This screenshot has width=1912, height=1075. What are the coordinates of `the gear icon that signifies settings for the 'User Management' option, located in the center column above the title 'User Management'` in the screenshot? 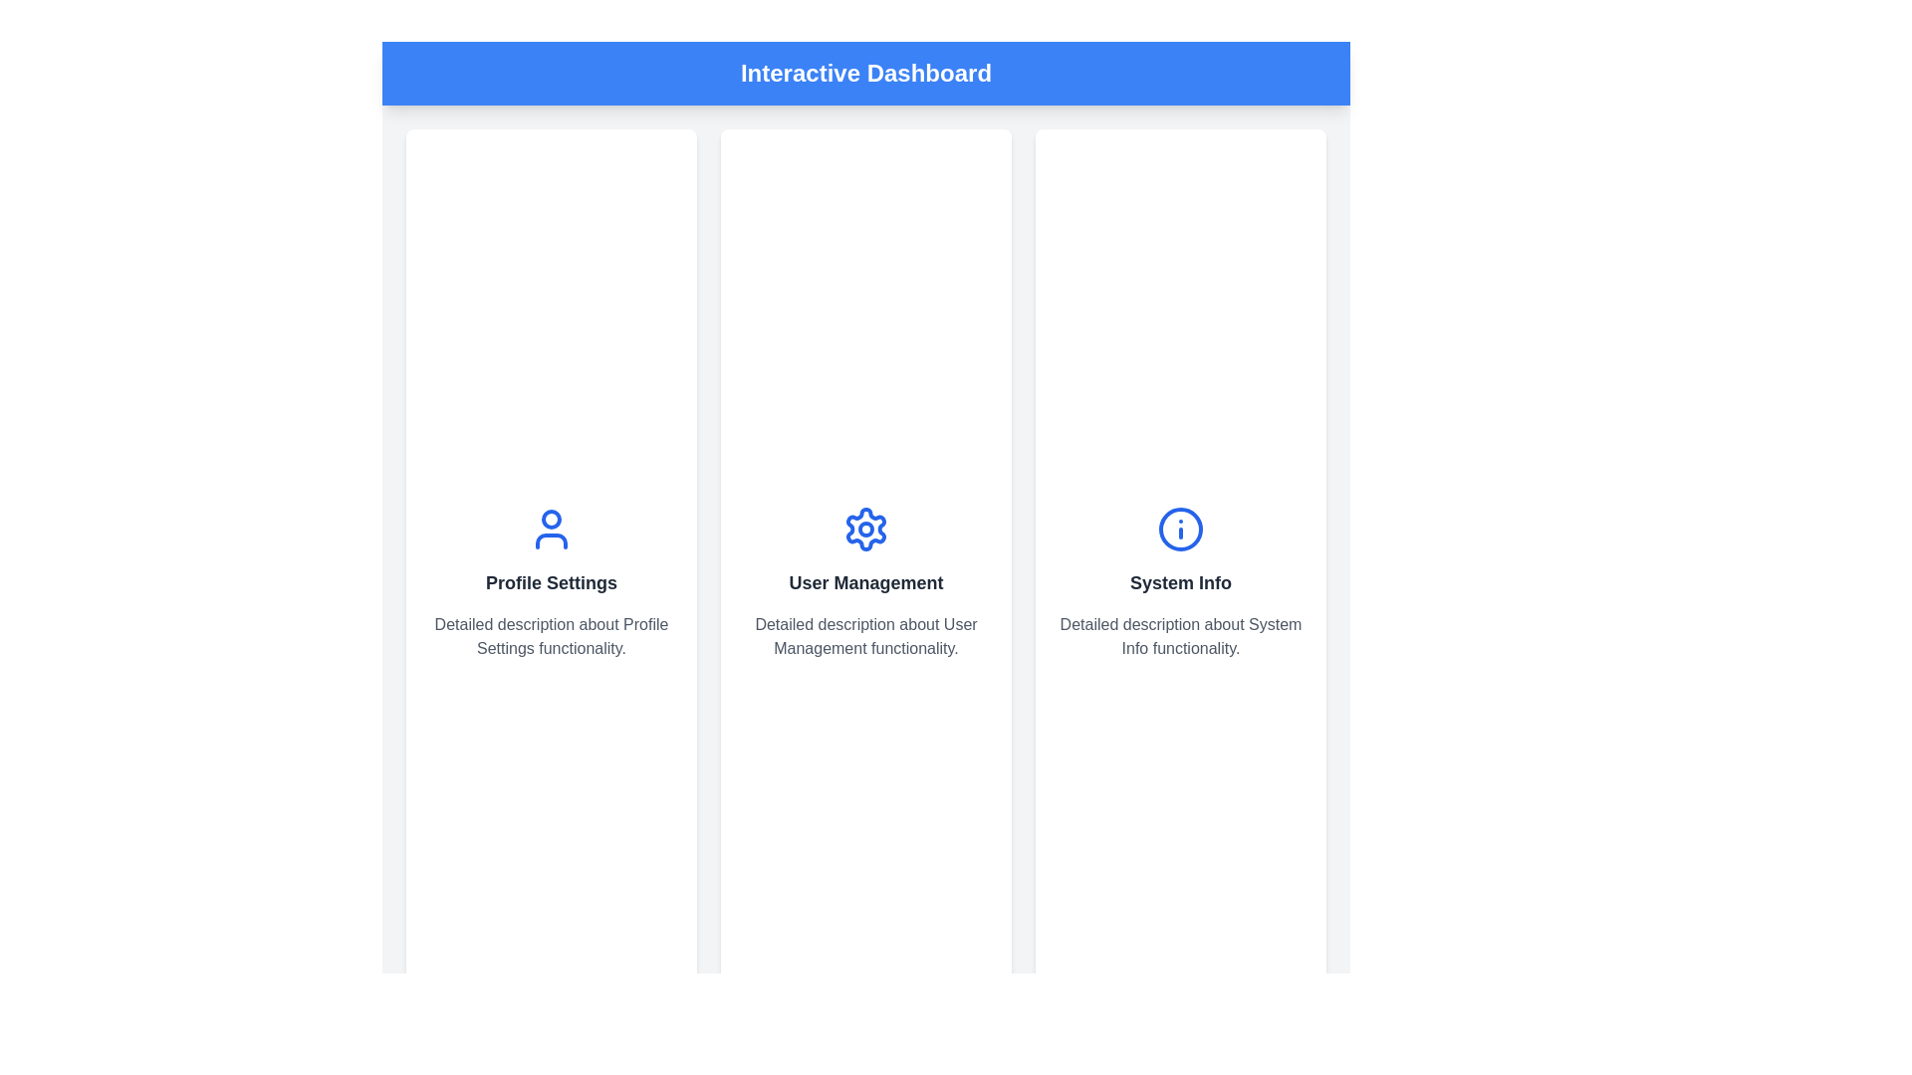 It's located at (865, 529).